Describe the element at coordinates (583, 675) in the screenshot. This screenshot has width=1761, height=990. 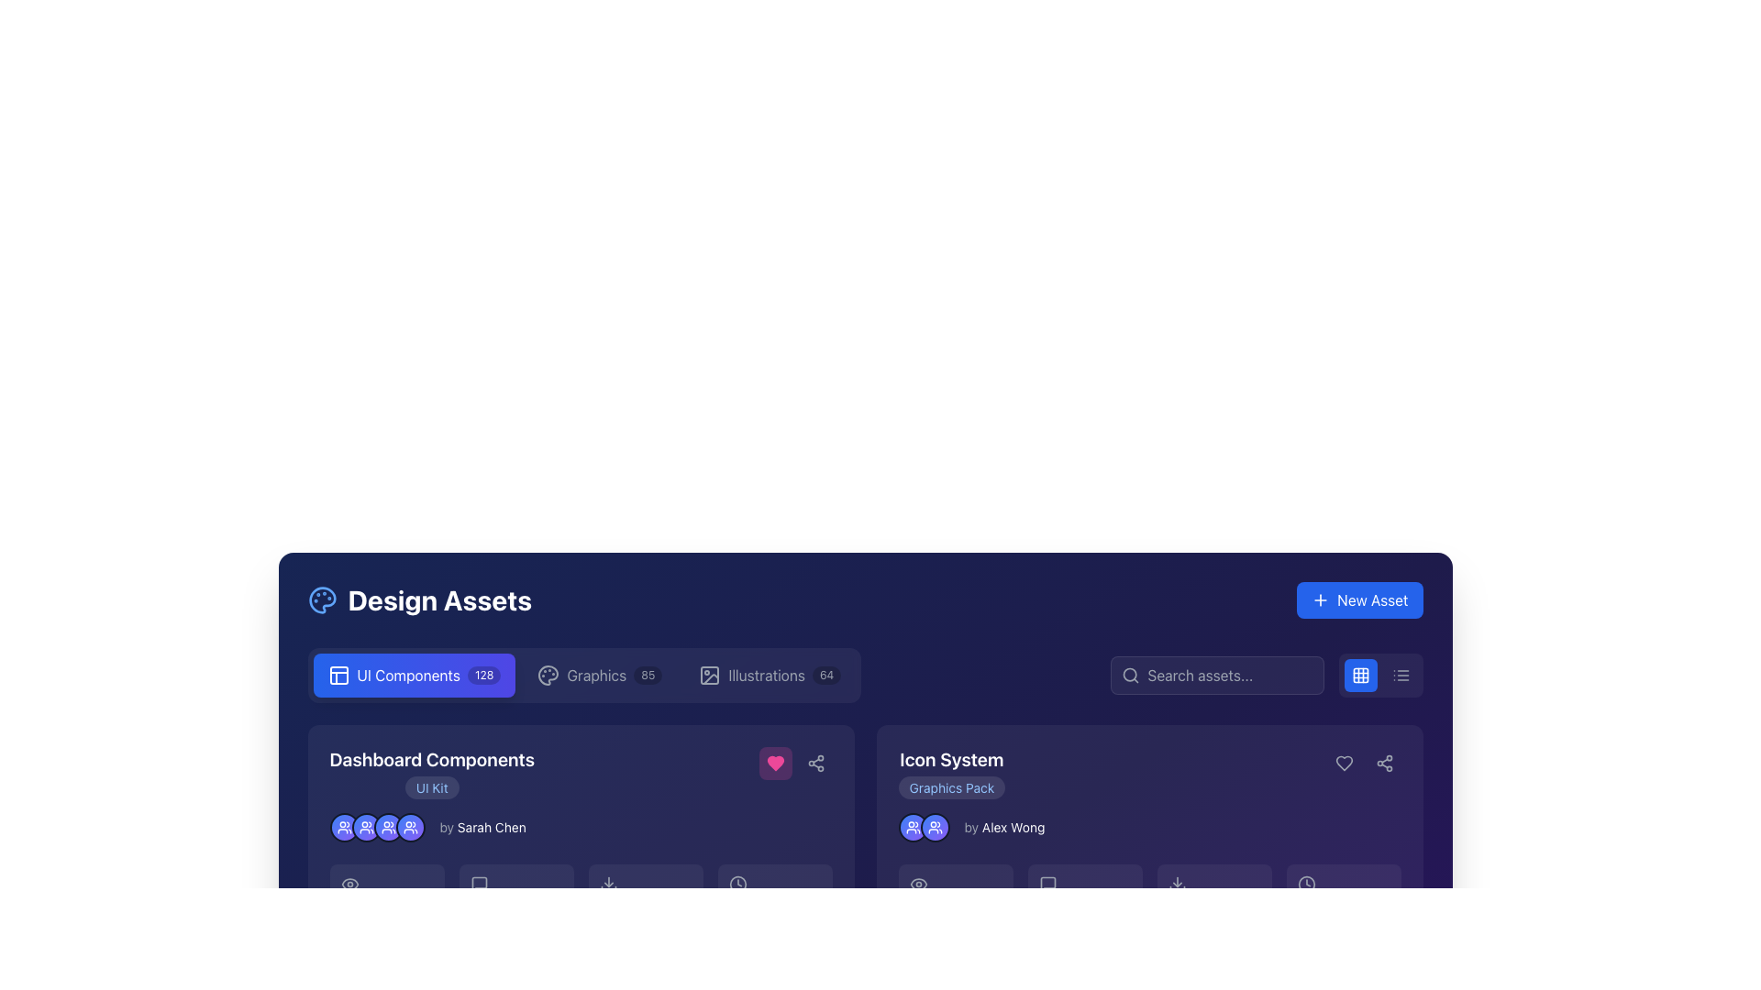
I see `the toolbar panel containing the items 'UI Components', 'Graphics', and 'Illustrations'` at that location.